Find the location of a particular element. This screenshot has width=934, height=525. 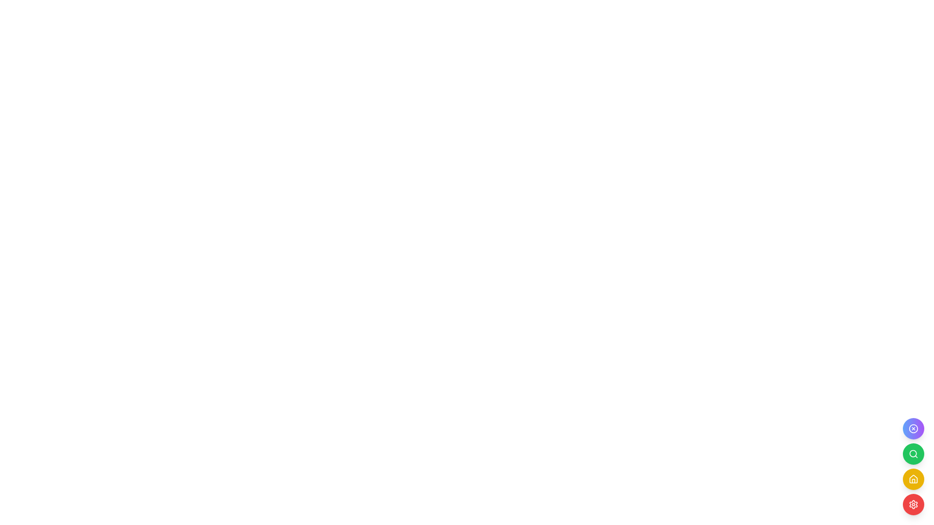

the button with a yellow background featuring a house-shaped icon is located at coordinates (913, 479).